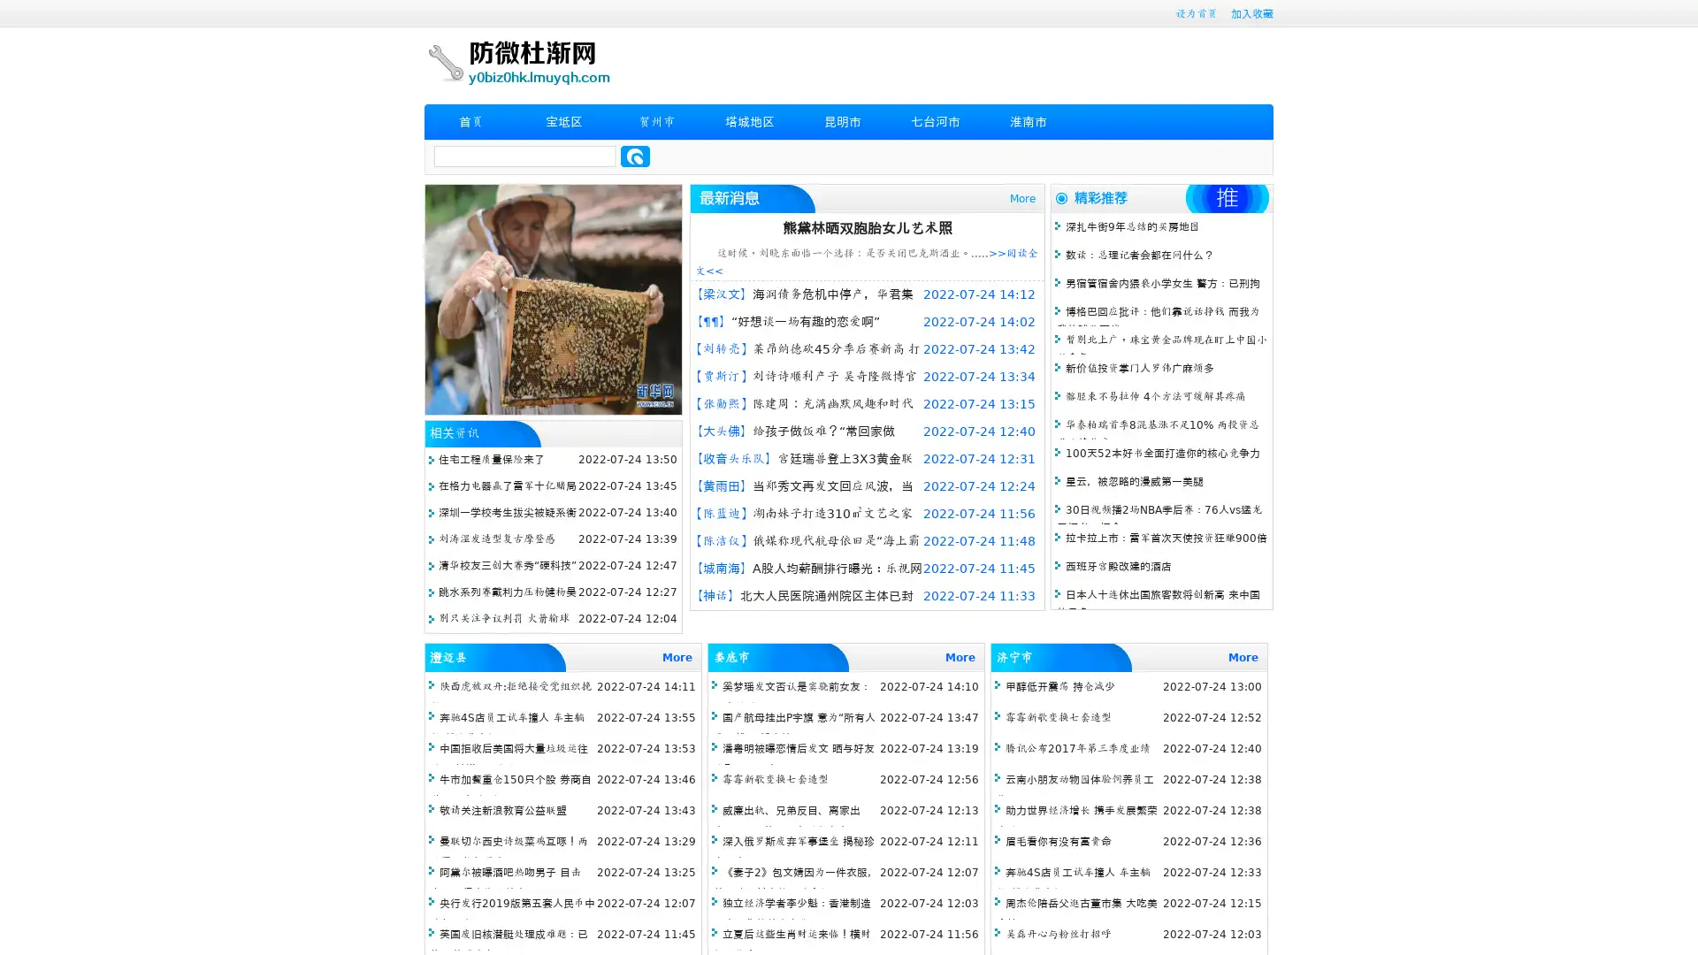  Describe the element at coordinates (635, 156) in the screenshot. I see `Search` at that location.